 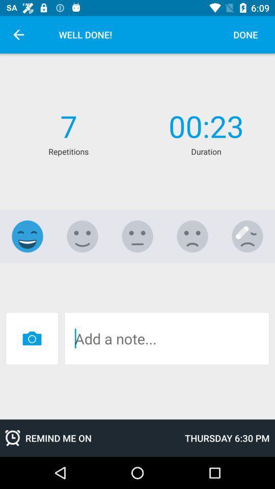 What do you see at coordinates (227, 438) in the screenshot?
I see `thursday 6 30 item` at bounding box center [227, 438].